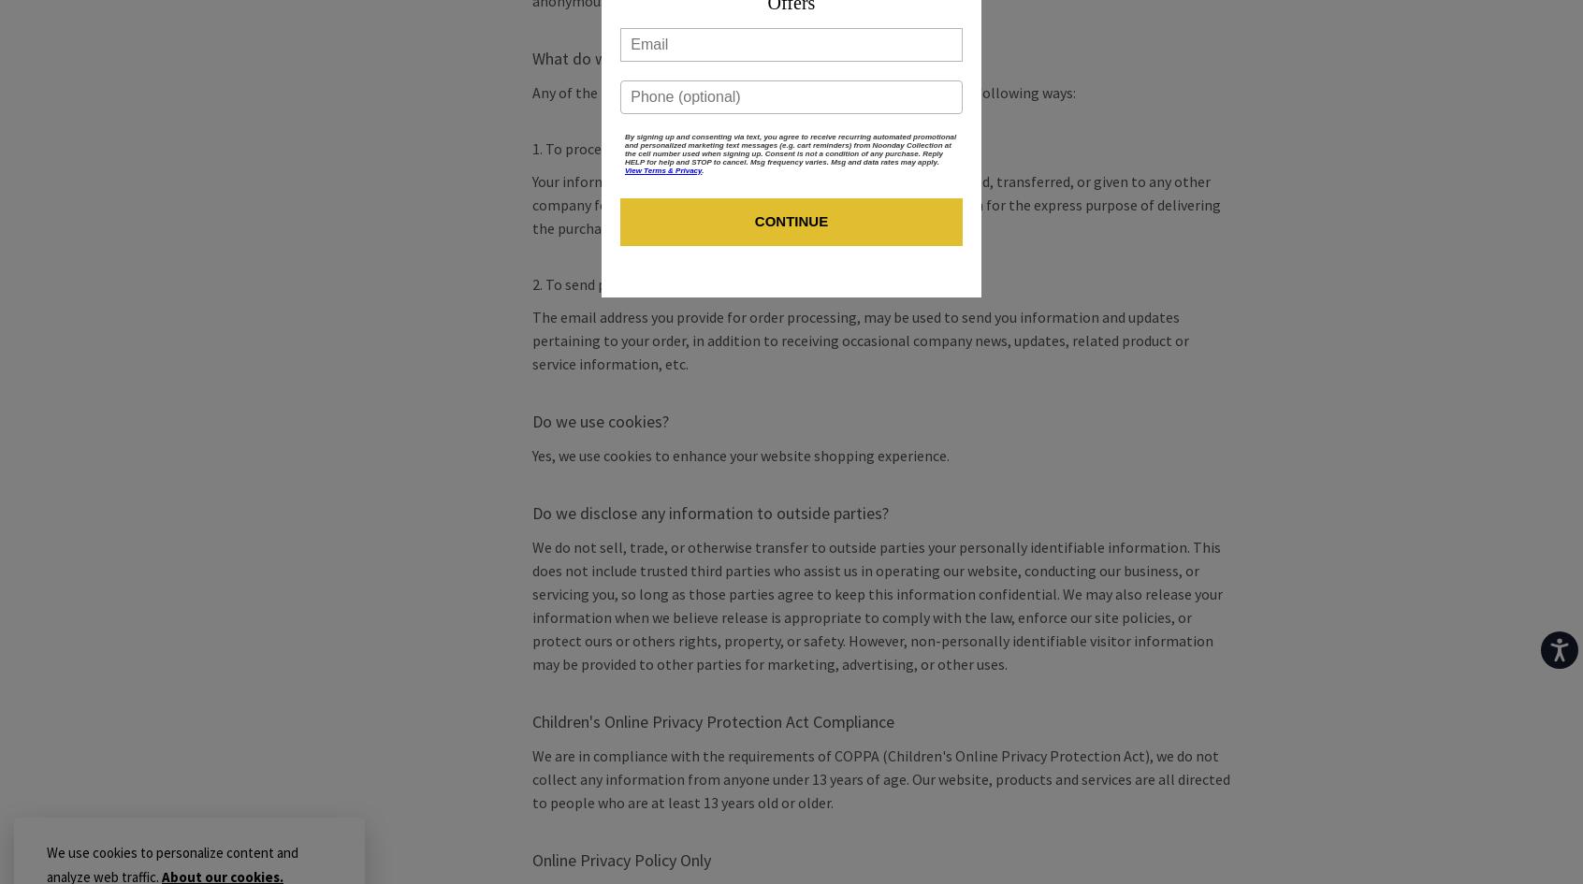 This screenshot has width=1583, height=884. Describe the element at coordinates (859, 340) in the screenshot. I see `'The email address you provide for order processing, may be used to send you information and updates pertaining to your order, in addition to receiving occasional company news, updates, related product or service information, etc.'` at that location.